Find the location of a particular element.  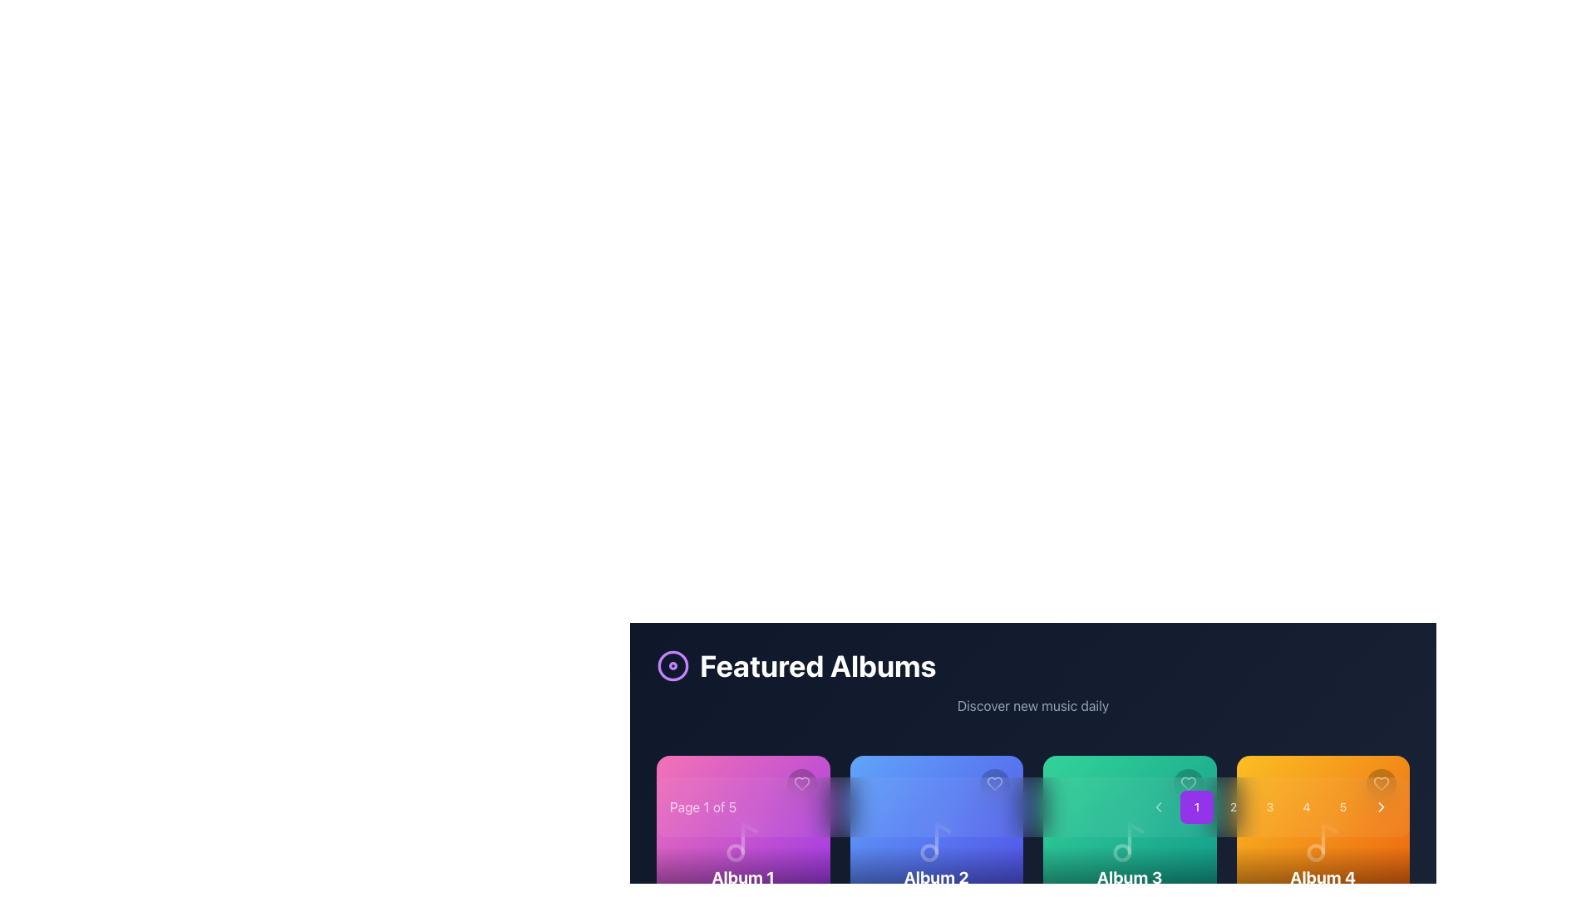

the 'like' button located at the upper-right corner of the blue card labeled 'Album 2' to observe visual feedback is located at coordinates (994, 784).